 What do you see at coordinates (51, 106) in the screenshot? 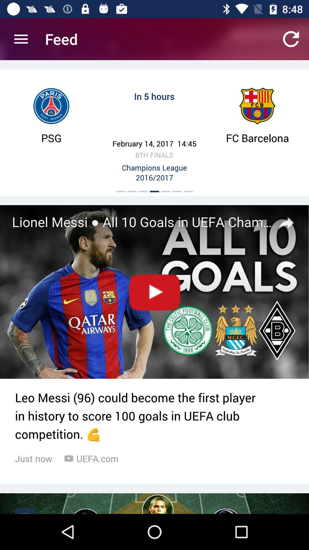
I see `the image above pgs` at bounding box center [51, 106].